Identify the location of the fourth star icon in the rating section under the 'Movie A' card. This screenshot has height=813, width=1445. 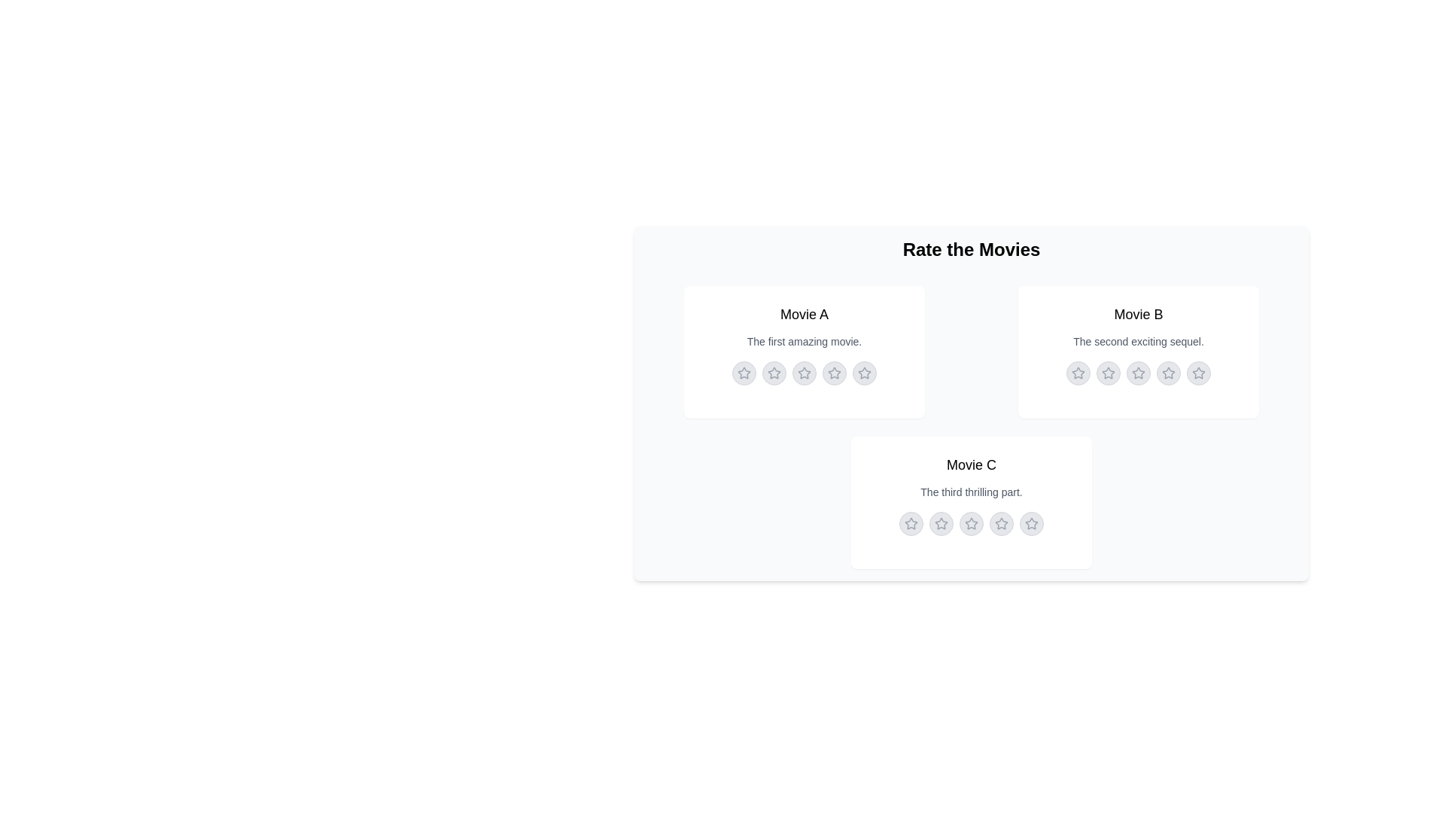
(833, 373).